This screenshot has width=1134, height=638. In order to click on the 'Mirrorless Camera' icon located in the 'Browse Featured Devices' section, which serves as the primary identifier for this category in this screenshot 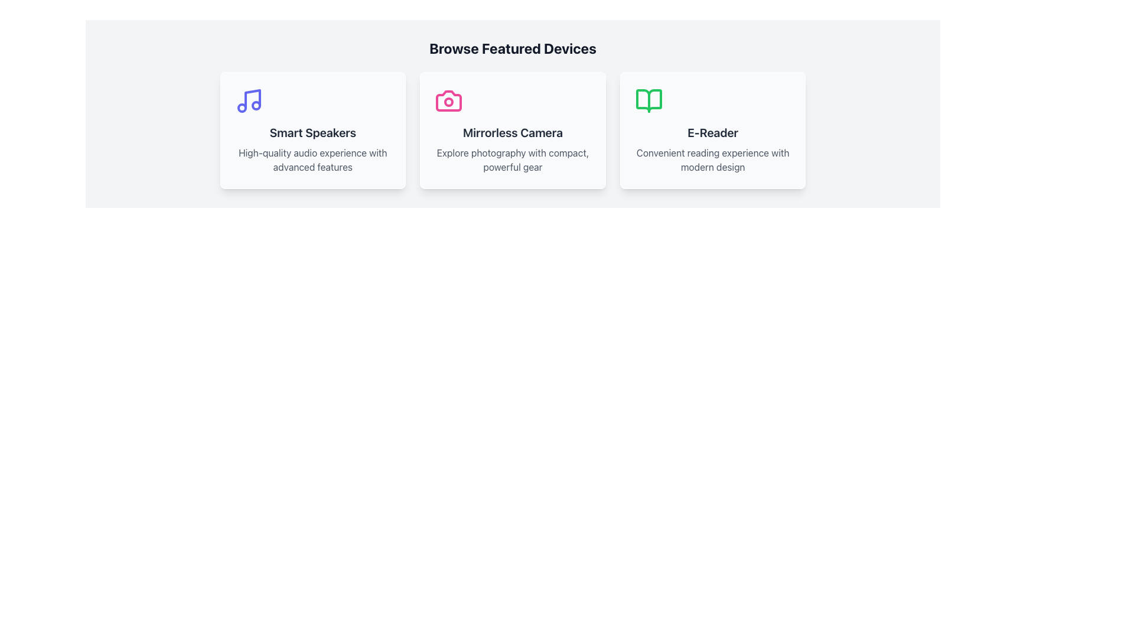, I will do `click(448, 100)`.